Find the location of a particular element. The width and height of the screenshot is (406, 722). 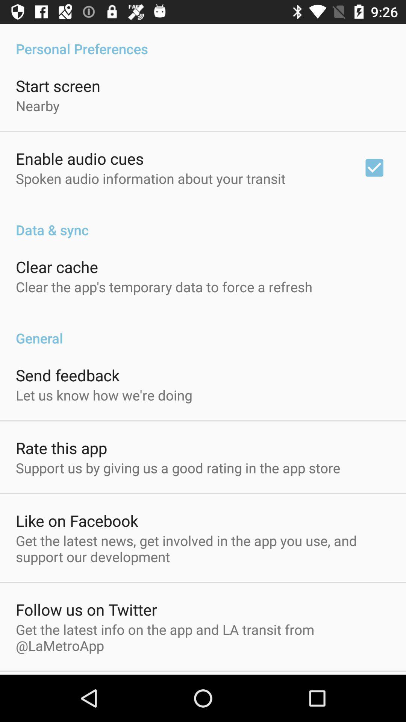

the support us by app is located at coordinates (178, 467).